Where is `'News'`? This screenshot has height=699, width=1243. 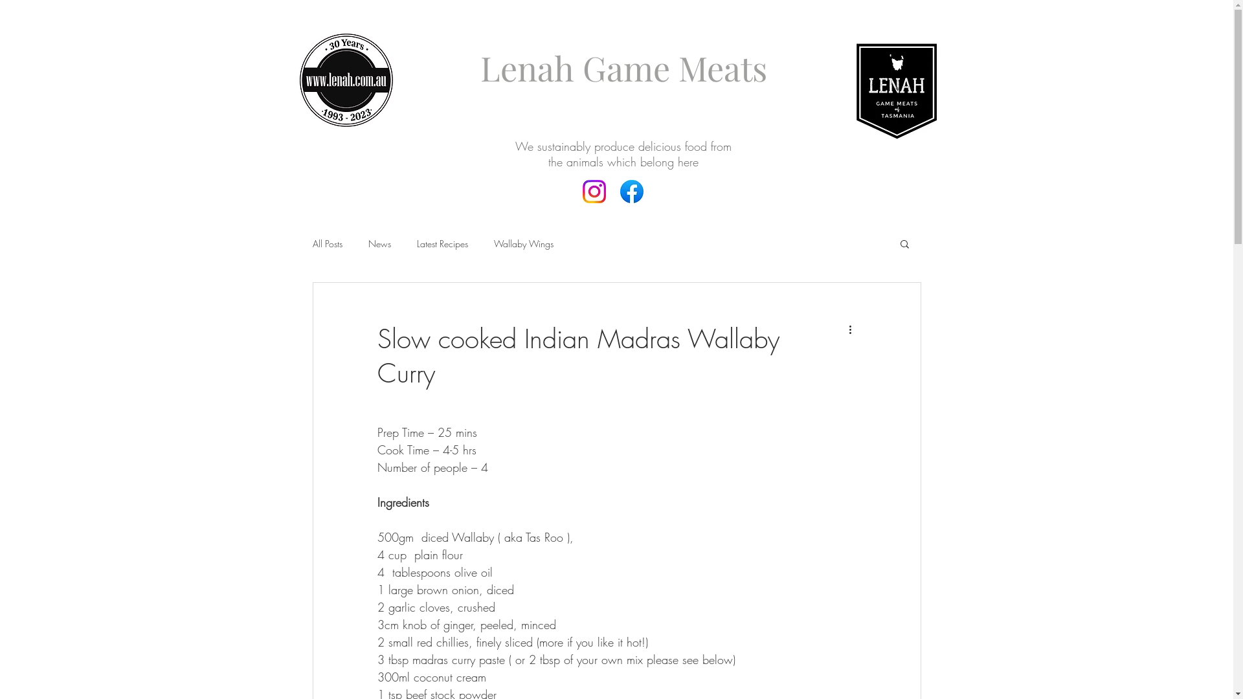
'News' is located at coordinates (378, 243).